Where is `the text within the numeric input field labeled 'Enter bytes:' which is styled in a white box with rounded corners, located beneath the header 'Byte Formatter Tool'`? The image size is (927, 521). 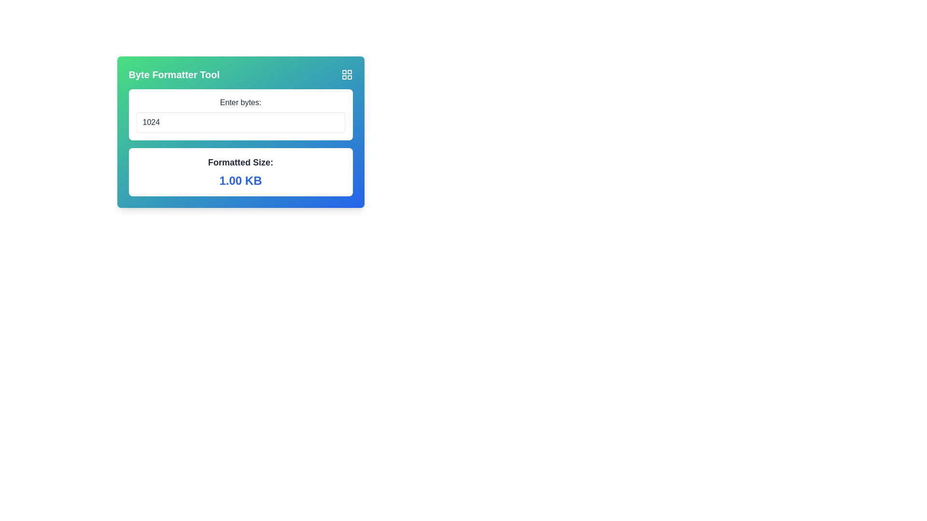 the text within the numeric input field labeled 'Enter bytes:' which is styled in a white box with rounded corners, located beneath the header 'Byte Formatter Tool' is located at coordinates (240, 114).